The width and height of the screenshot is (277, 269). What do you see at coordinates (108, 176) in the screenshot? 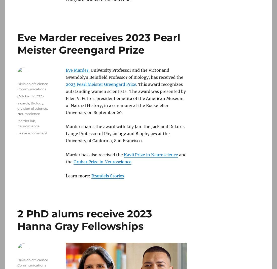
I see `'Brandeis Stories'` at bounding box center [108, 176].